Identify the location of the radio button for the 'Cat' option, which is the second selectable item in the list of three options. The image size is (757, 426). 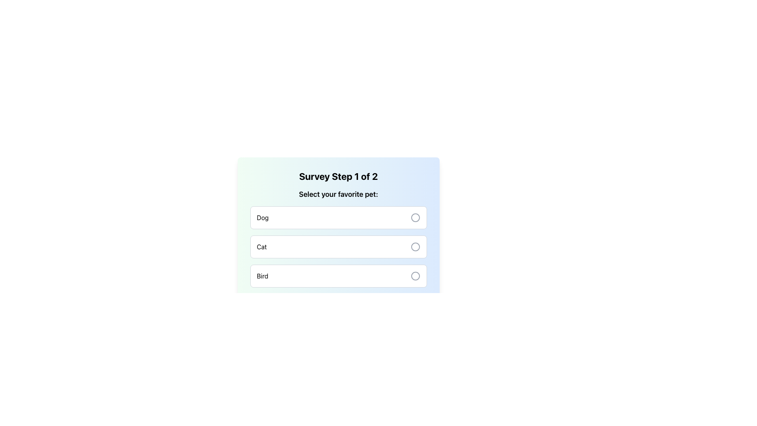
(338, 246).